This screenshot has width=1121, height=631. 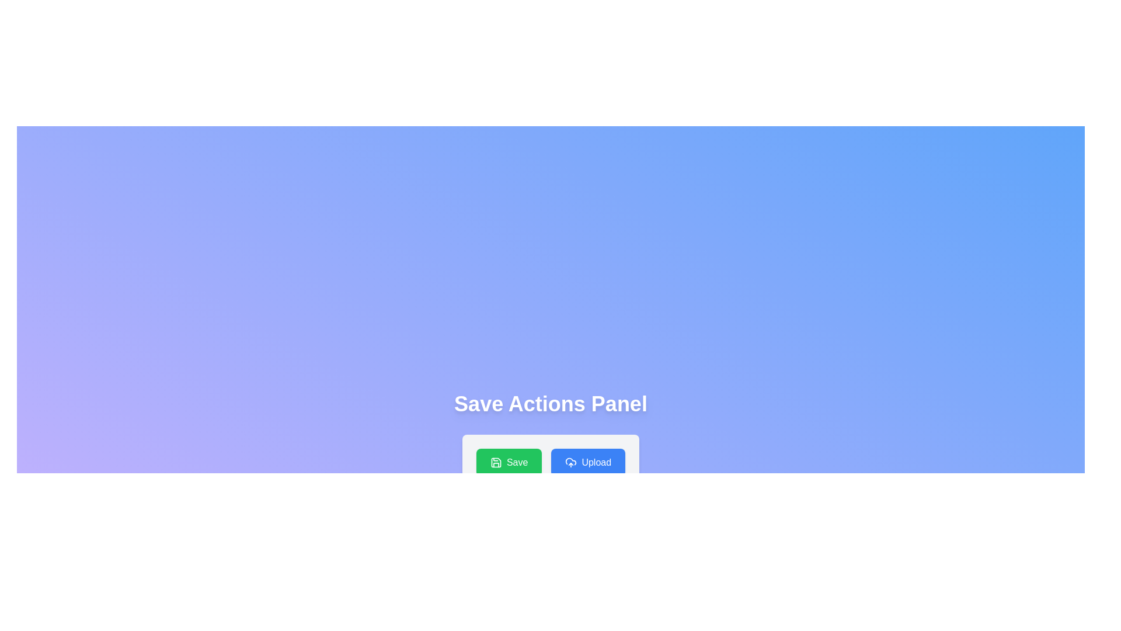 What do you see at coordinates (496, 462) in the screenshot?
I see `the floppy disk icon with a green background located inside the 'Save' button, positioned to the left of the 'Save' text` at bounding box center [496, 462].